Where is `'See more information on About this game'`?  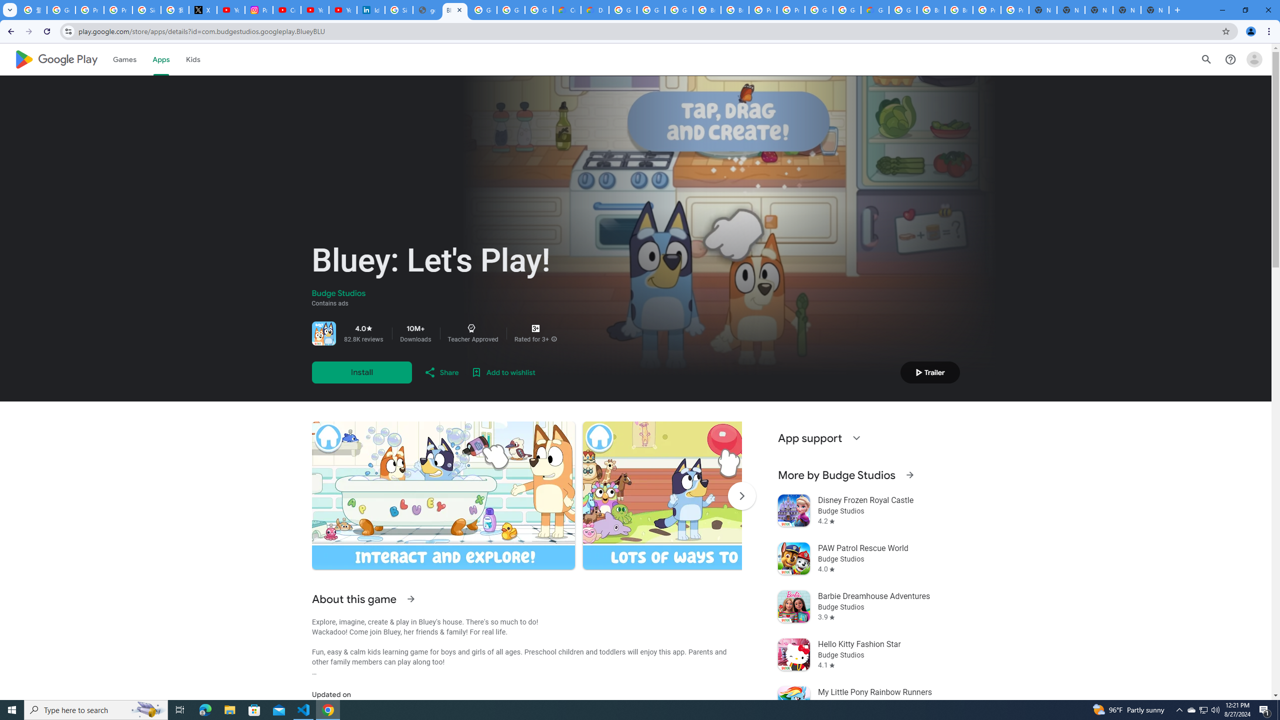
'See more information on About this game' is located at coordinates (409, 599).